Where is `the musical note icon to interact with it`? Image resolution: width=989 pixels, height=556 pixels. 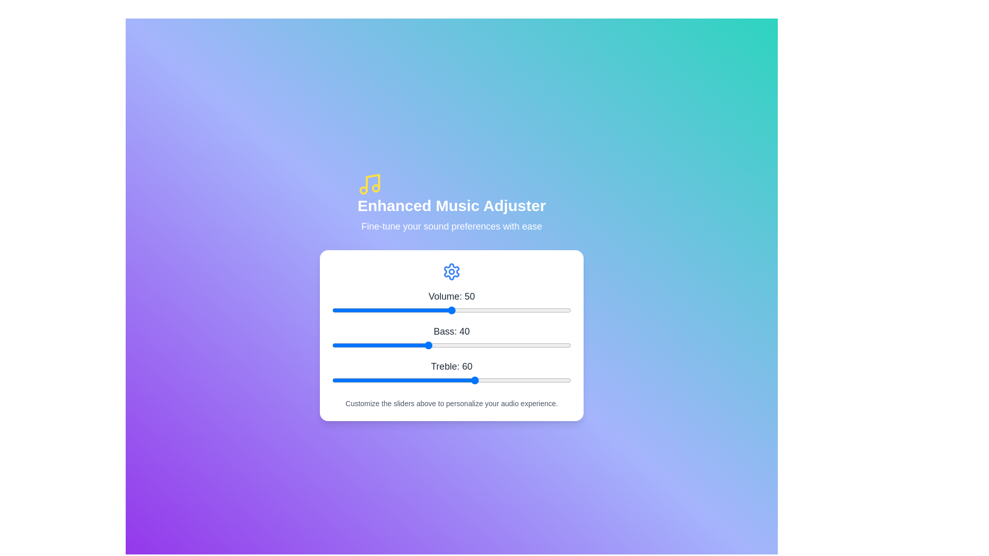
the musical note icon to interact with it is located at coordinates (370, 184).